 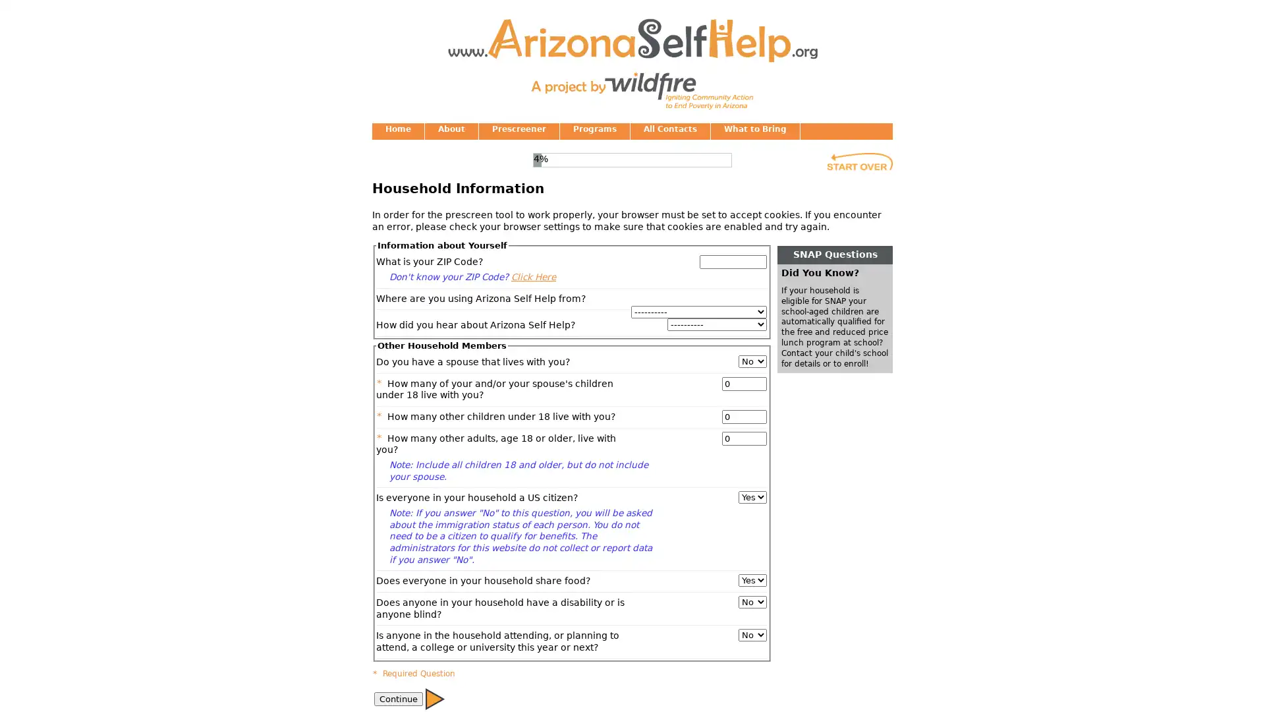 What do you see at coordinates (435, 697) in the screenshot?
I see `Continue` at bounding box center [435, 697].